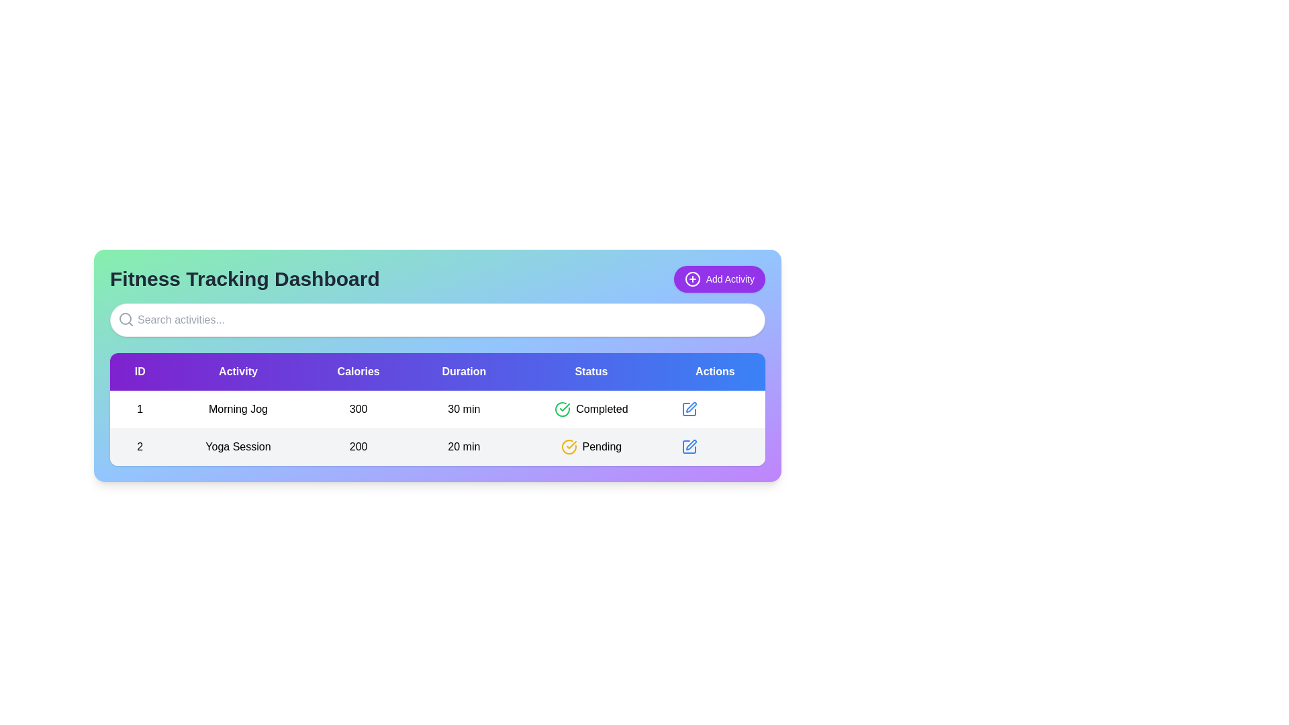 The width and height of the screenshot is (1289, 725). Describe the element at coordinates (591, 372) in the screenshot. I see `the 'Status' header cell in the table, which is the fifth header cell situated between 'Duration' and 'Actions'` at that location.